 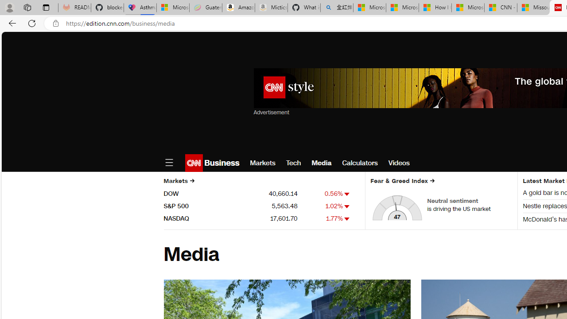 I want to click on 'Videos', so click(x=398, y=163).